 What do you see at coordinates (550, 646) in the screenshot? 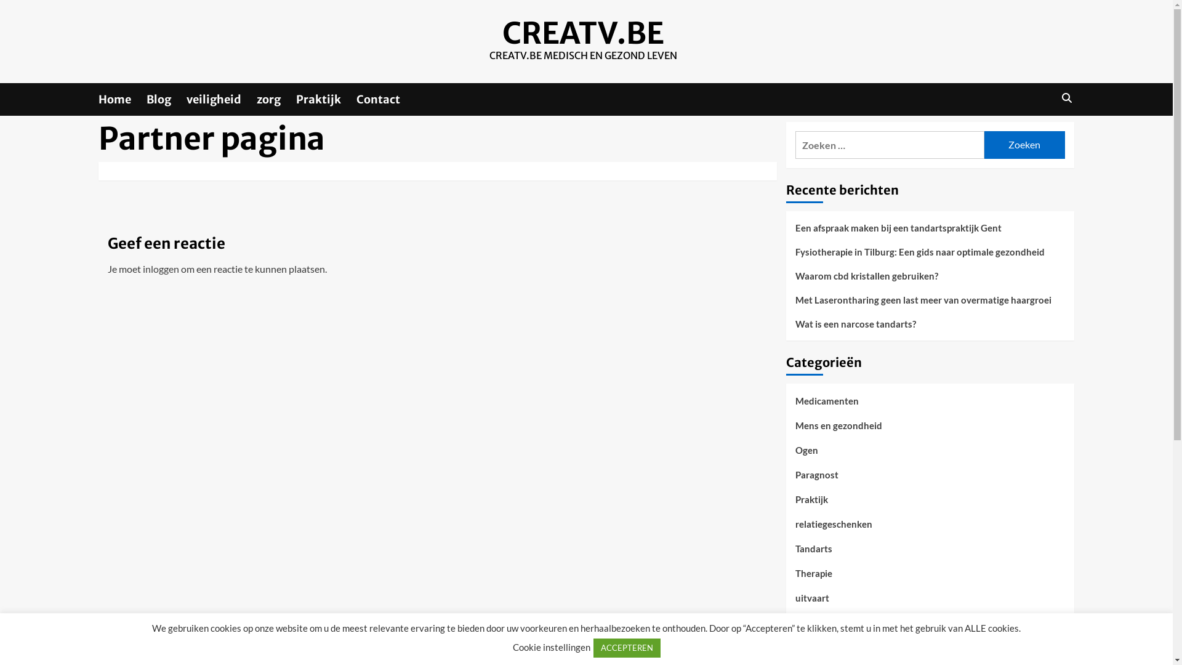
I see `'Cookie instellingen'` at bounding box center [550, 646].